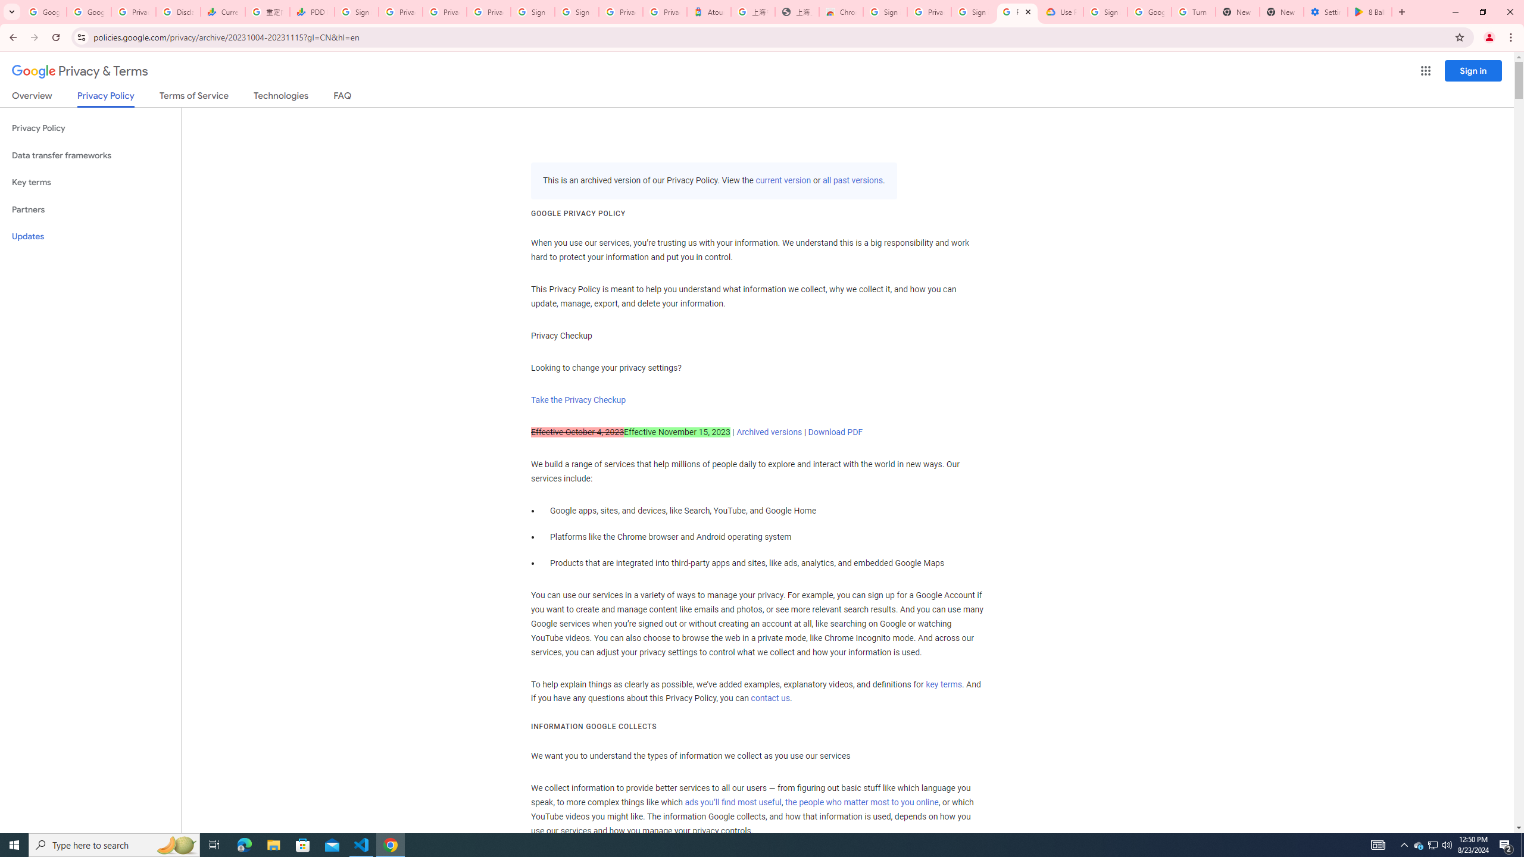 The image size is (1524, 857). Describe the element at coordinates (1369, 11) in the screenshot. I see `'8 Ball Pool - Apps on Google Play'` at that location.